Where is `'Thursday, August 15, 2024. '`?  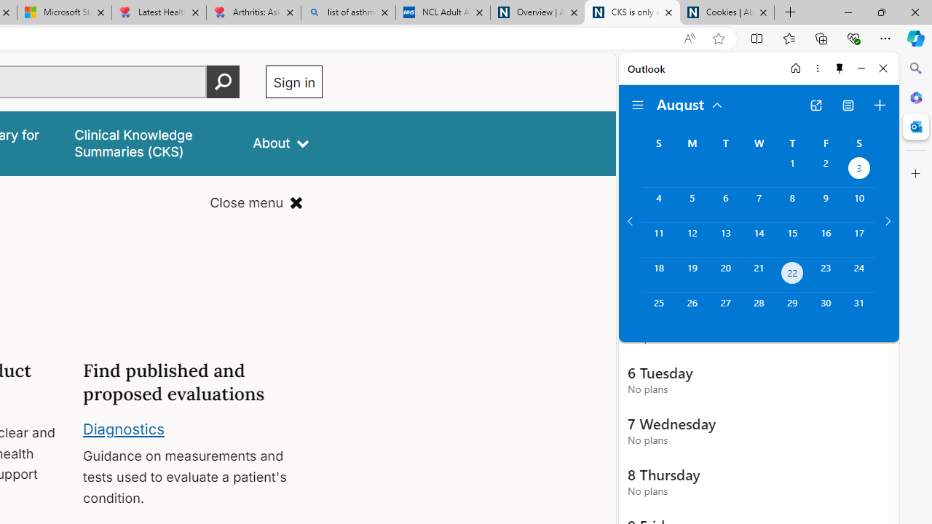
'Thursday, August 15, 2024. ' is located at coordinates (791, 239).